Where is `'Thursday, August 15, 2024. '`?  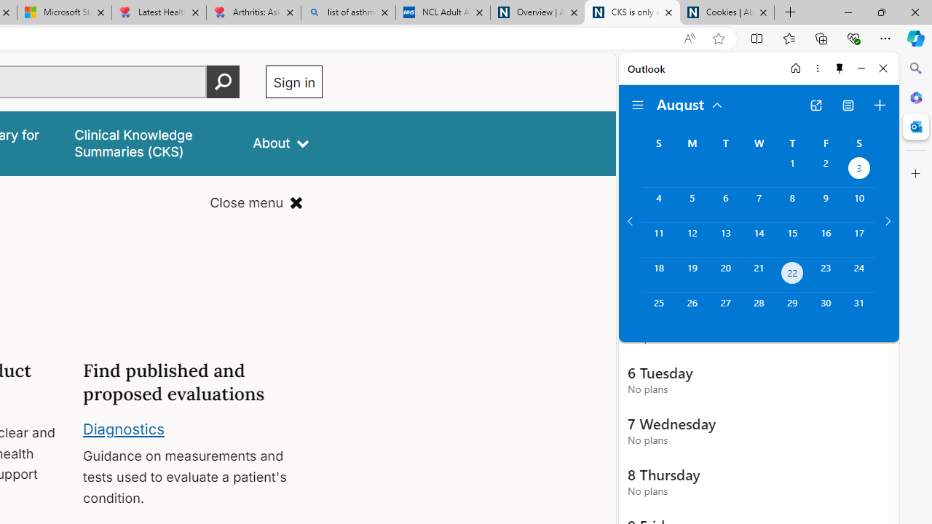
'Thursday, August 15, 2024. ' is located at coordinates (791, 239).